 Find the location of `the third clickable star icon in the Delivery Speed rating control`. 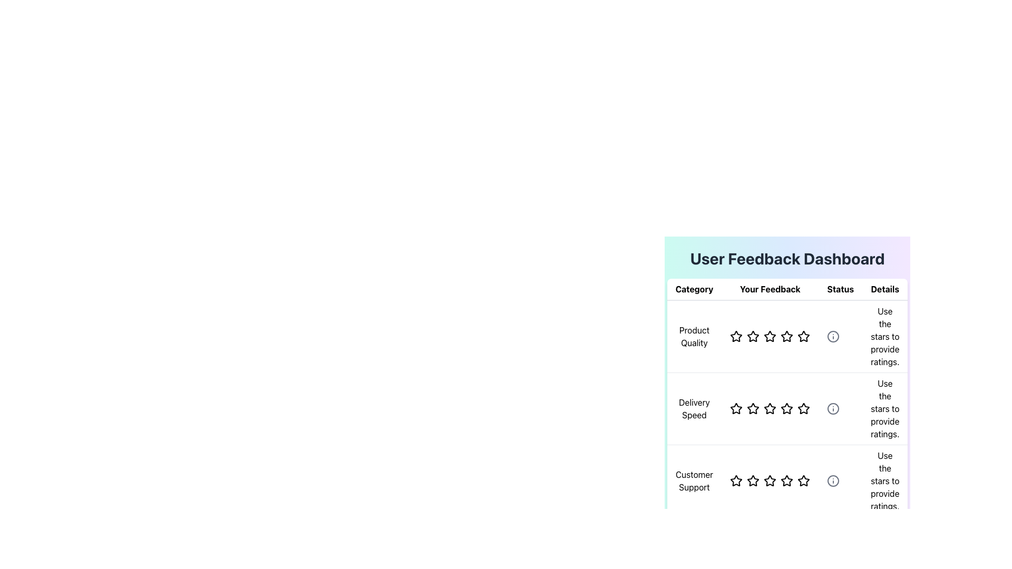

the third clickable star icon in the Delivery Speed rating control is located at coordinates (770, 408).